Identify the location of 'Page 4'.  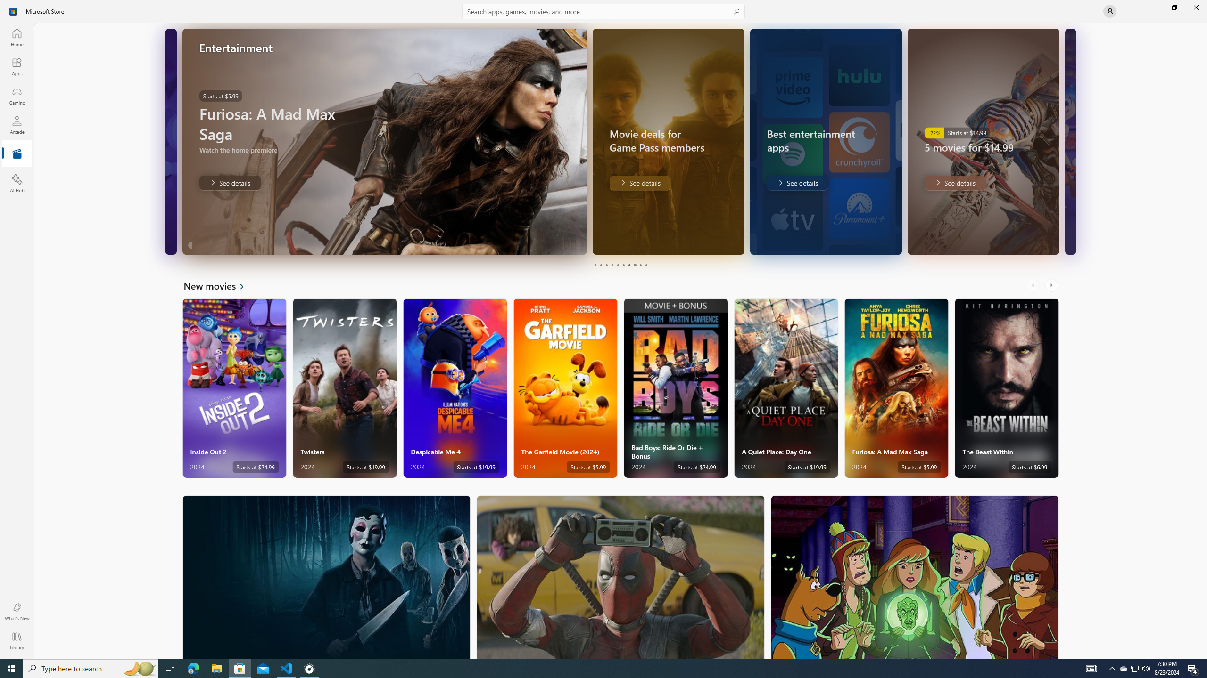
(611, 265).